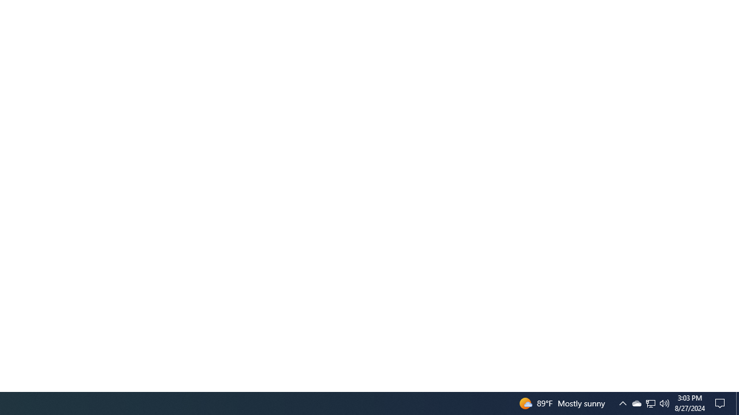  I want to click on 'Notification Chevron', so click(622, 402).